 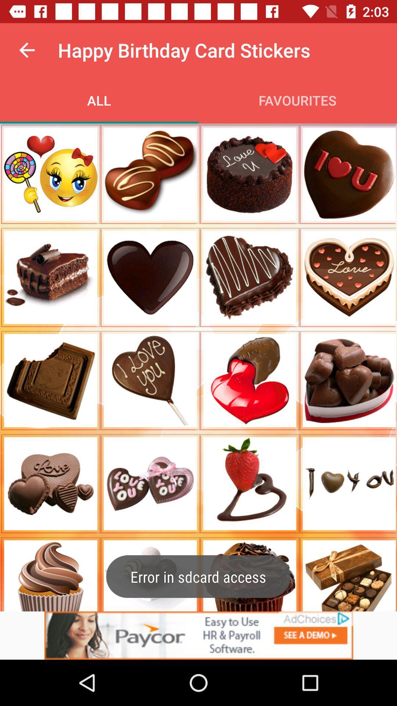 I want to click on advertisement, so click(x=198, y=635).